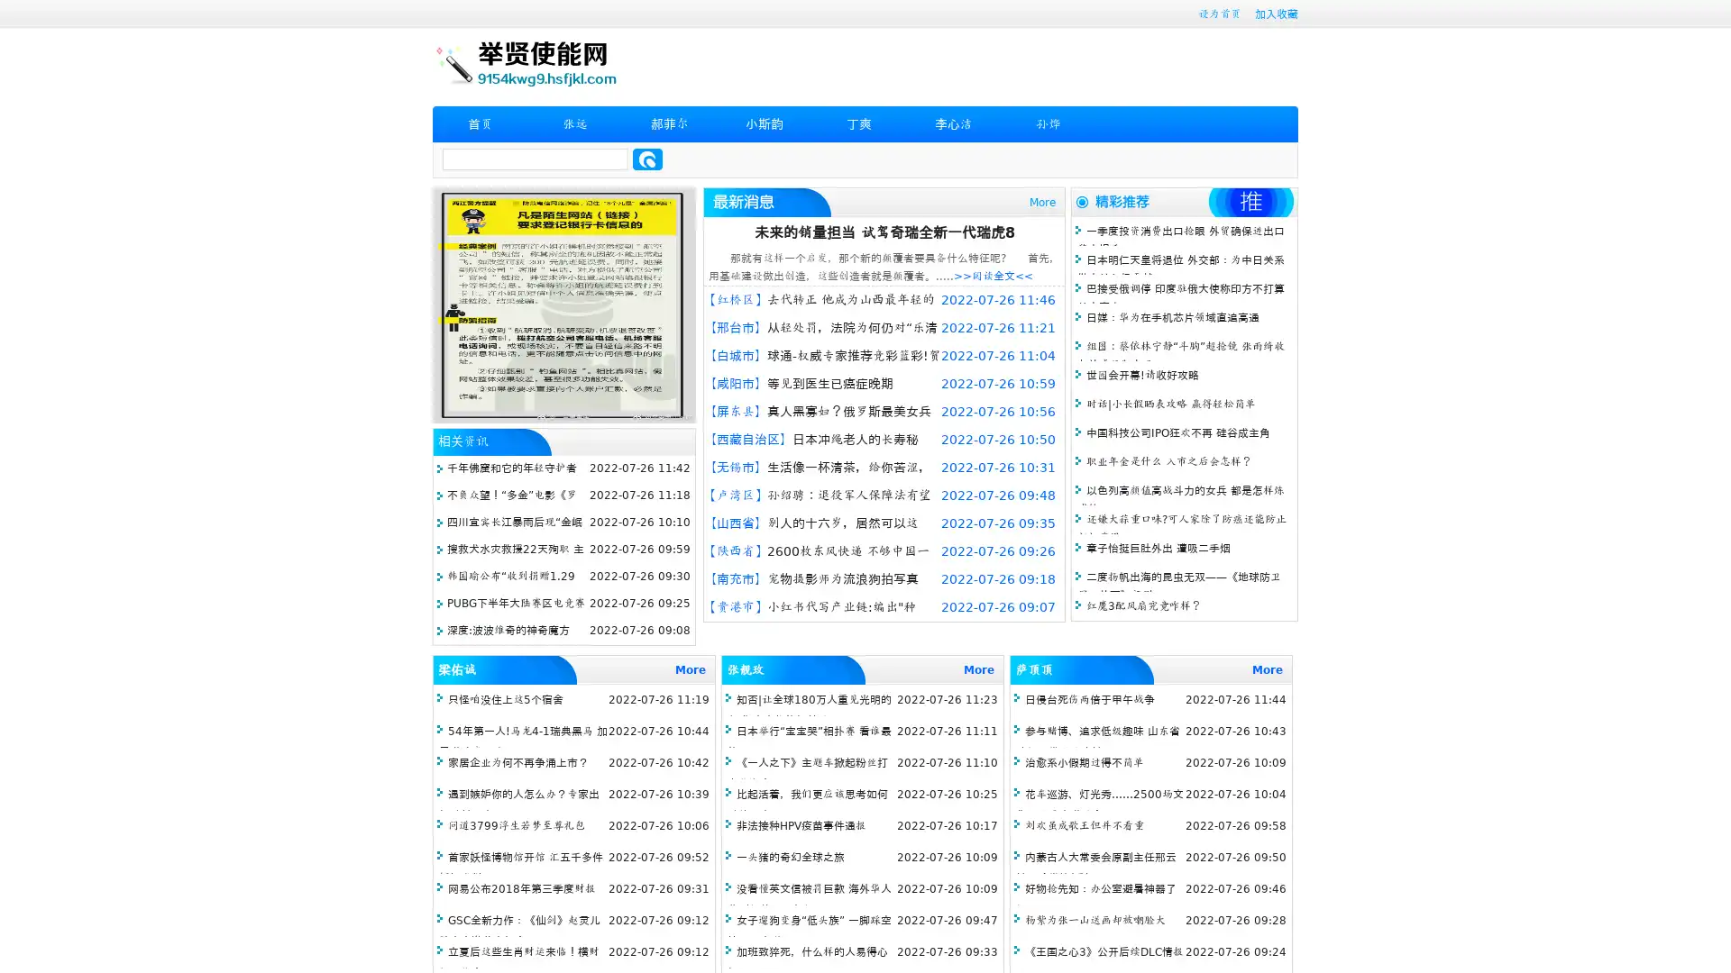 The image size is (1731, 973). I want to click on Search, so click(647, 159).